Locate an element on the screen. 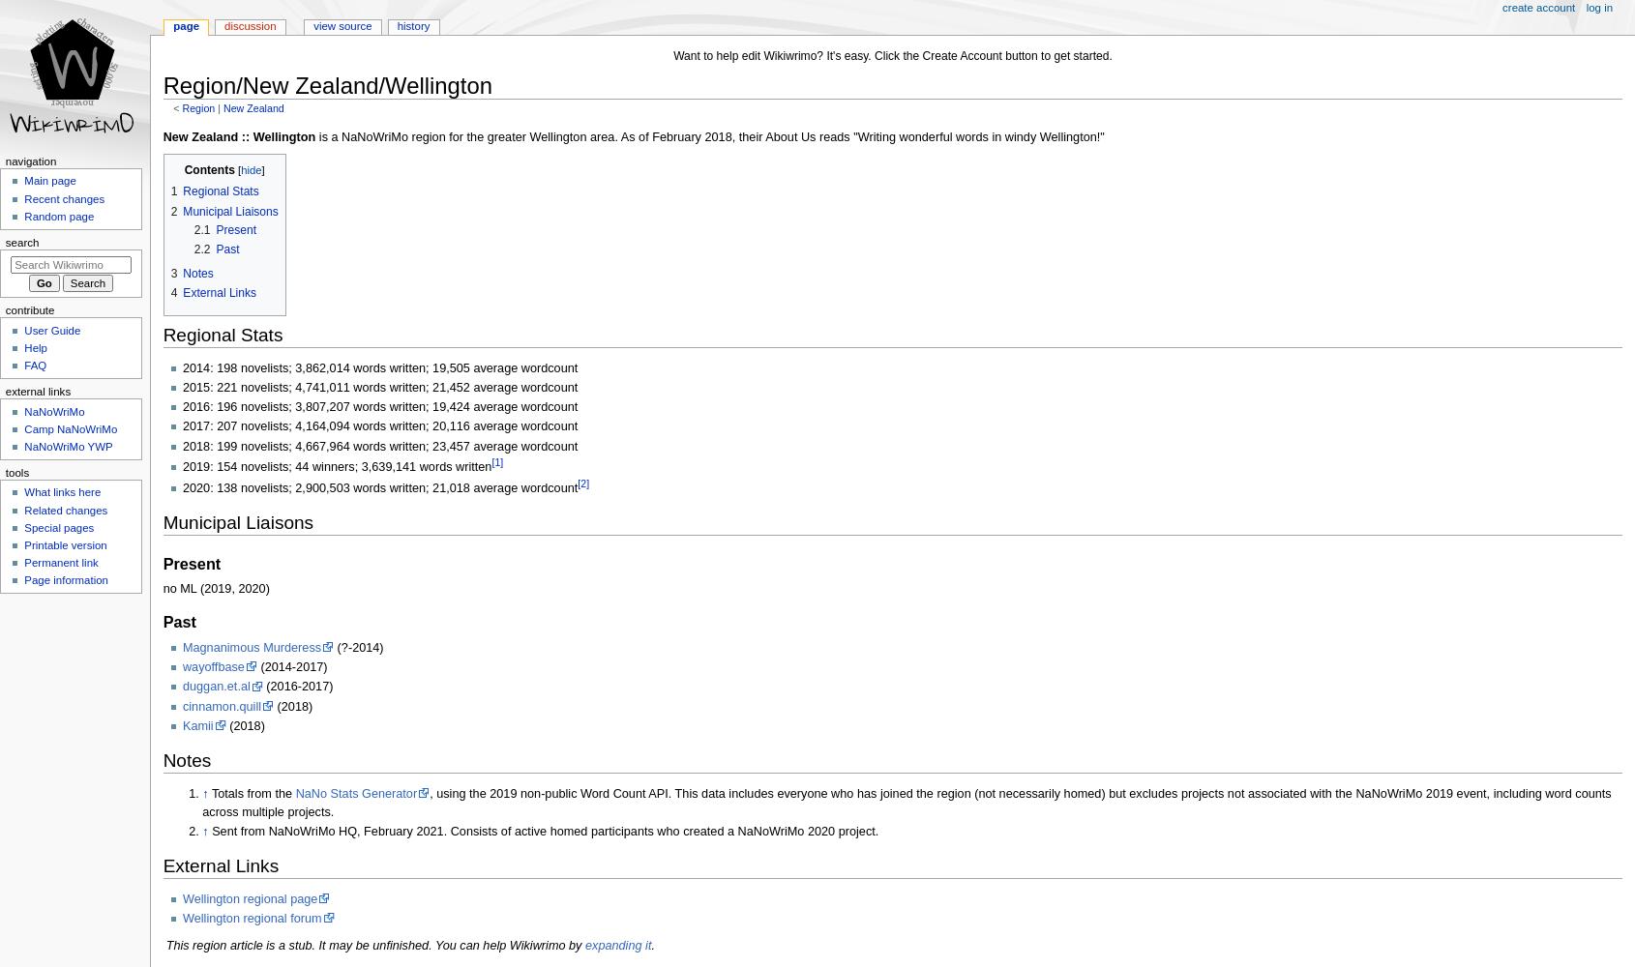 This screenshot has height=967, width=1635. '2018: 199 novelists; 4,667,964 words written; 23,457 average wordcount' is located at coordinates (378, 445).